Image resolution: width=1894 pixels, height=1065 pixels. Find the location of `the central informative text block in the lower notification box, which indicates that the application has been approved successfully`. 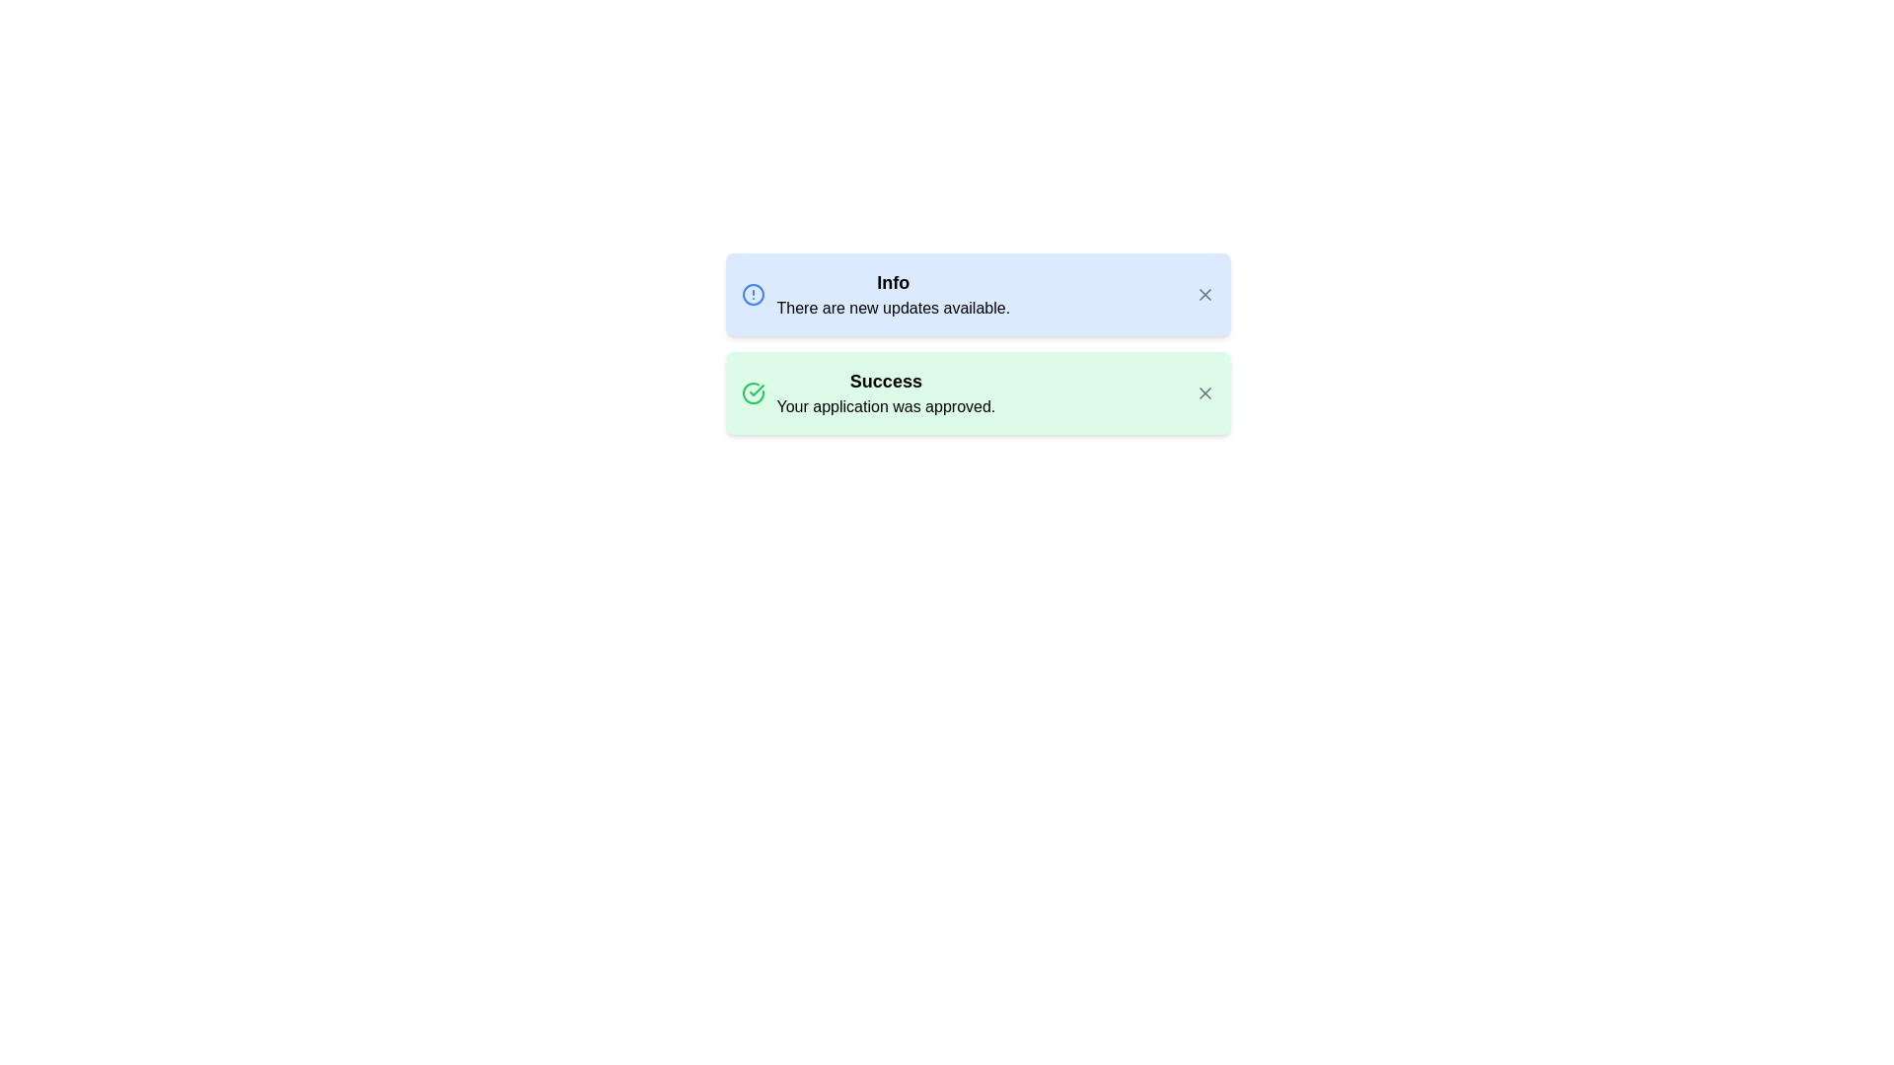

the central informative text block in the lower notification box, which indicates that the application has been approved successfully is located at coordinates (885, 392).